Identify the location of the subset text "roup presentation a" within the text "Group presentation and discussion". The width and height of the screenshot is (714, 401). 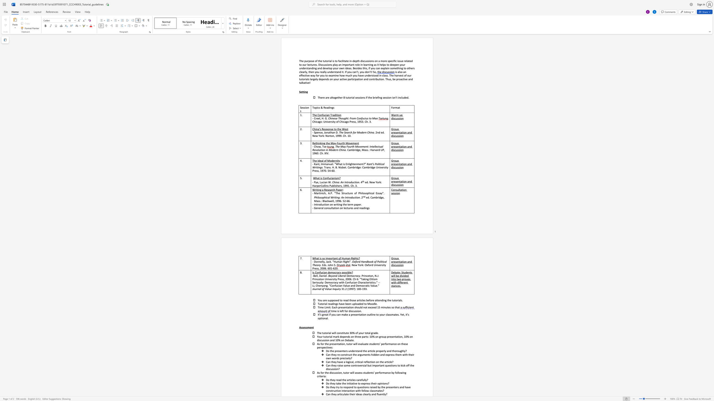
(393, 129).